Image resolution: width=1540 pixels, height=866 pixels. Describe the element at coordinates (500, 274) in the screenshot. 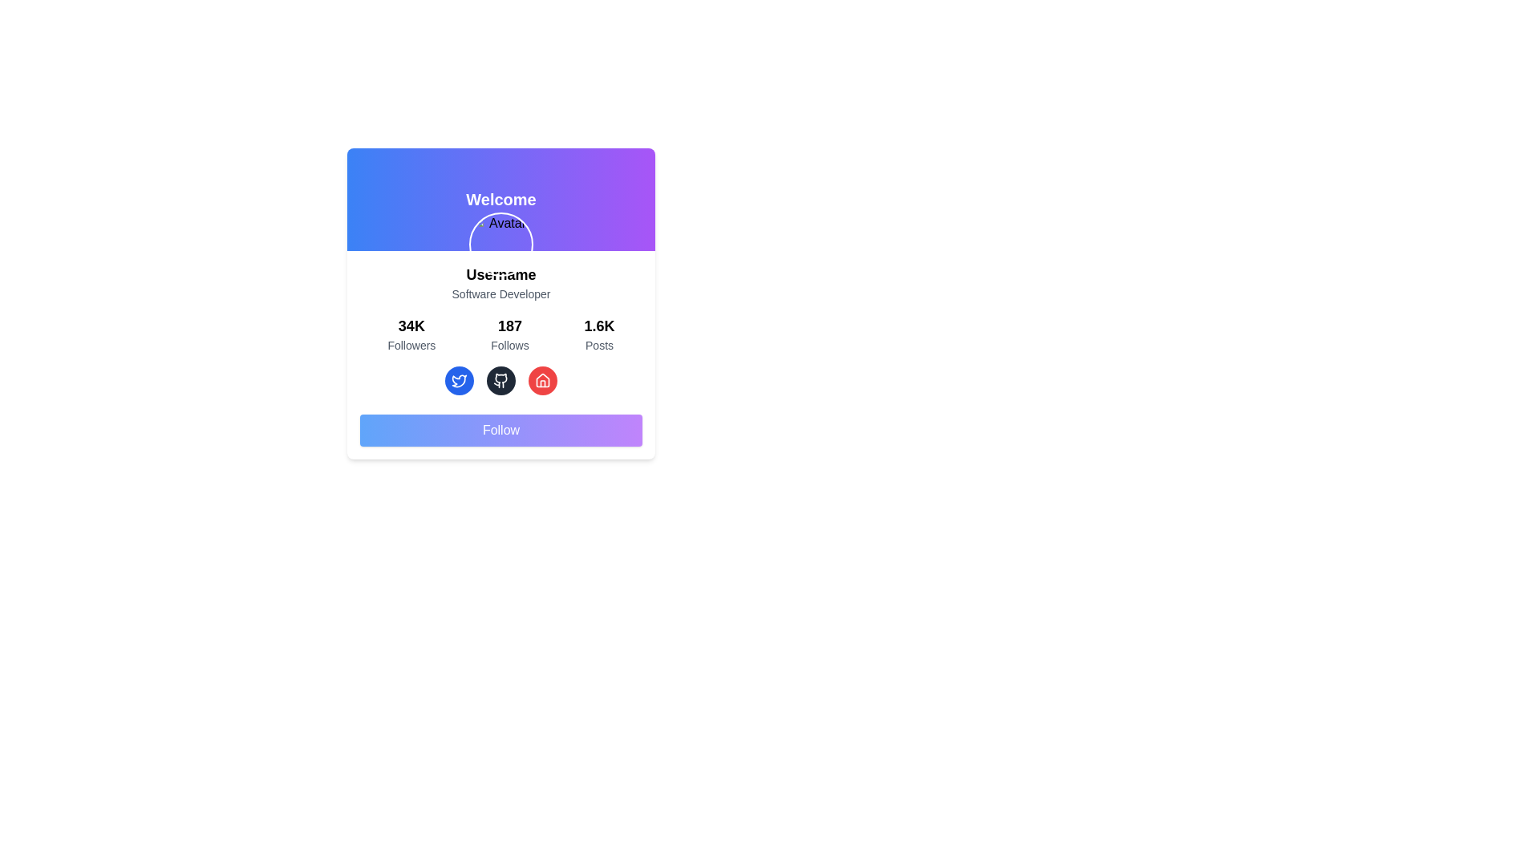

I see `the 'Username' text label, which is bold and larger than surrounding text, positioned directly below the avatar area and above the 'Software Developer' text` at that location.